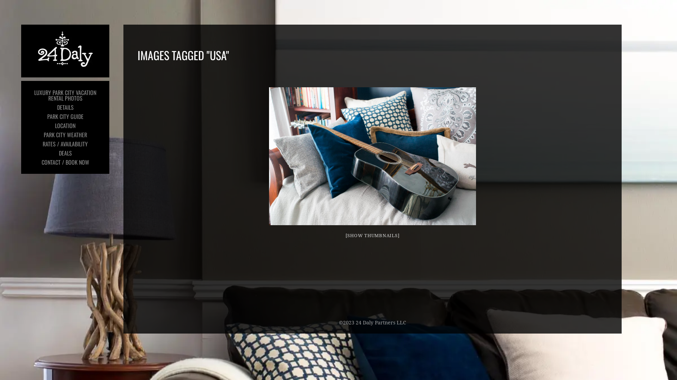 Image resolution: width=677 pixels, height=380 pixels. I want to click on 'DEALS', so click(65, 153).